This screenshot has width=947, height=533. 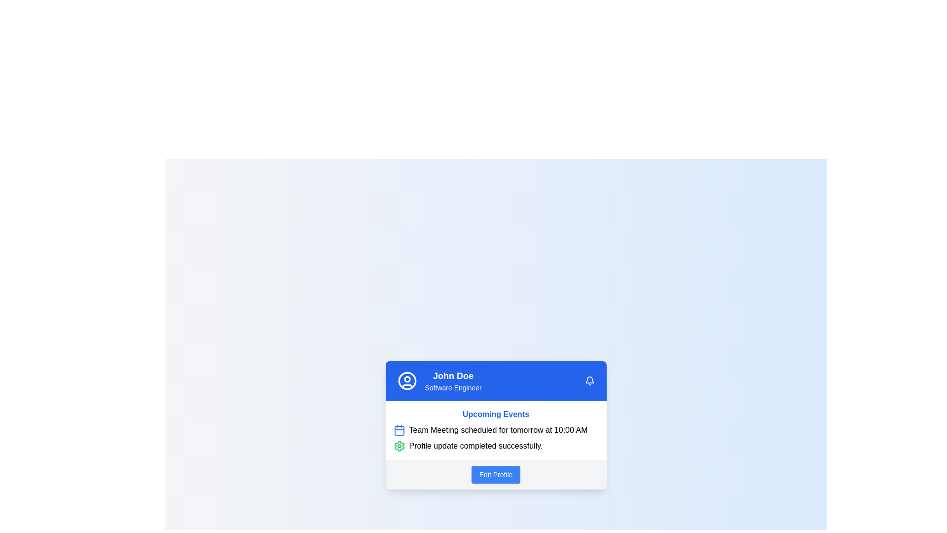 What do you see at coordinates (475, 446) in the screenshot?
I see `the Static Text element displaying 'Profile update completed successfully.' in the 'Upcoming Events' section of the user profile card, which is aligned next to a green settings icon` at bounding box center [475, 446].